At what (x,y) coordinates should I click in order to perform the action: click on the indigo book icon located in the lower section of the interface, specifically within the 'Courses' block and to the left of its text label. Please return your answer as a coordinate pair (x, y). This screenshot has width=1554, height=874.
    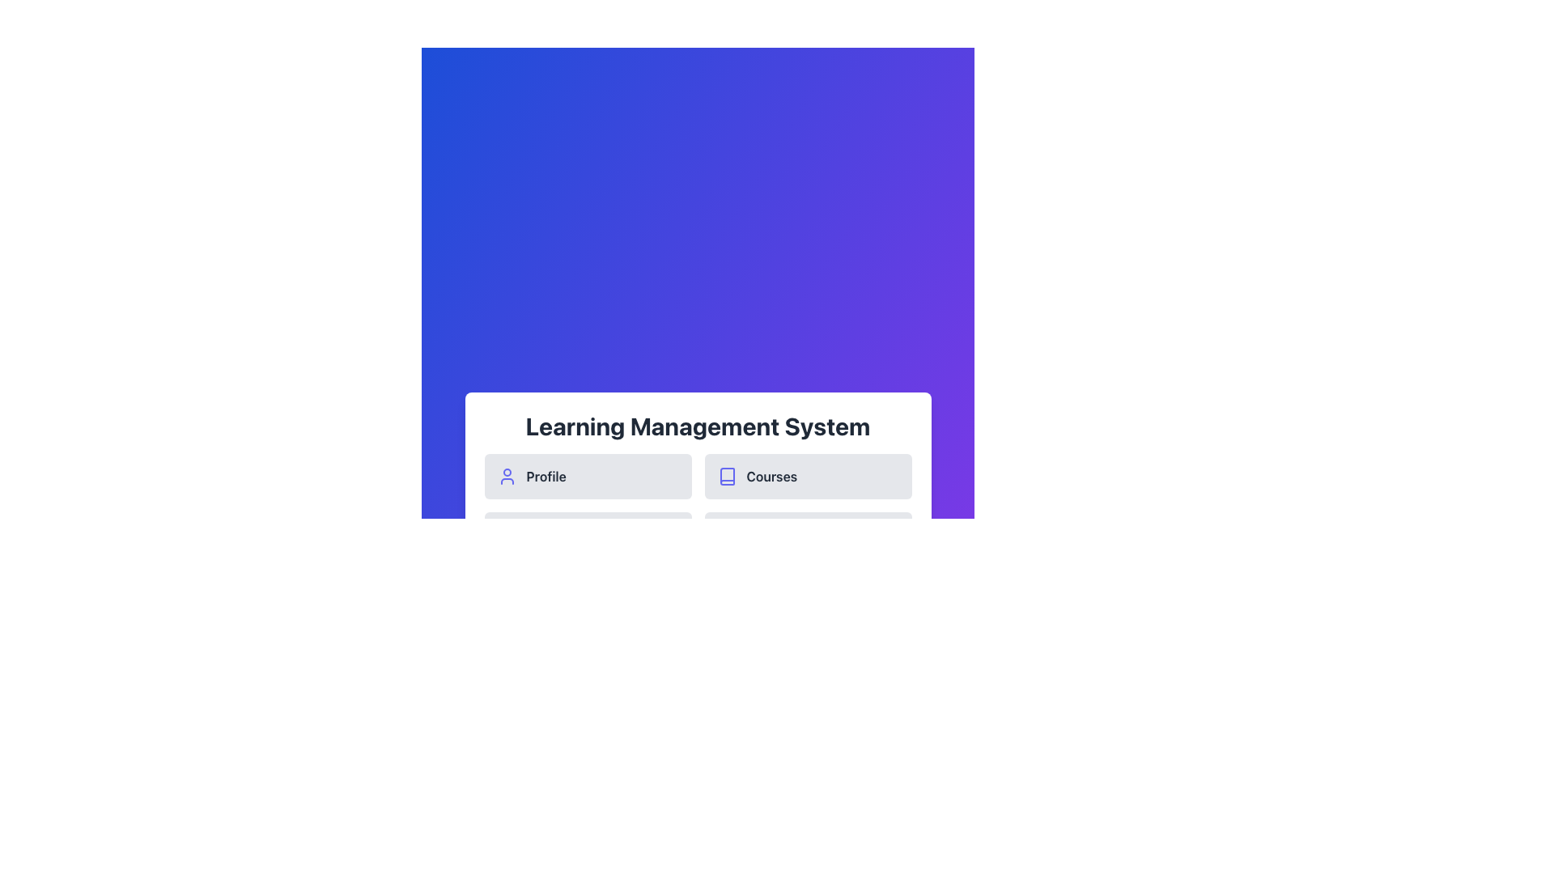
    Looking at the image, I should click on (726, 476).